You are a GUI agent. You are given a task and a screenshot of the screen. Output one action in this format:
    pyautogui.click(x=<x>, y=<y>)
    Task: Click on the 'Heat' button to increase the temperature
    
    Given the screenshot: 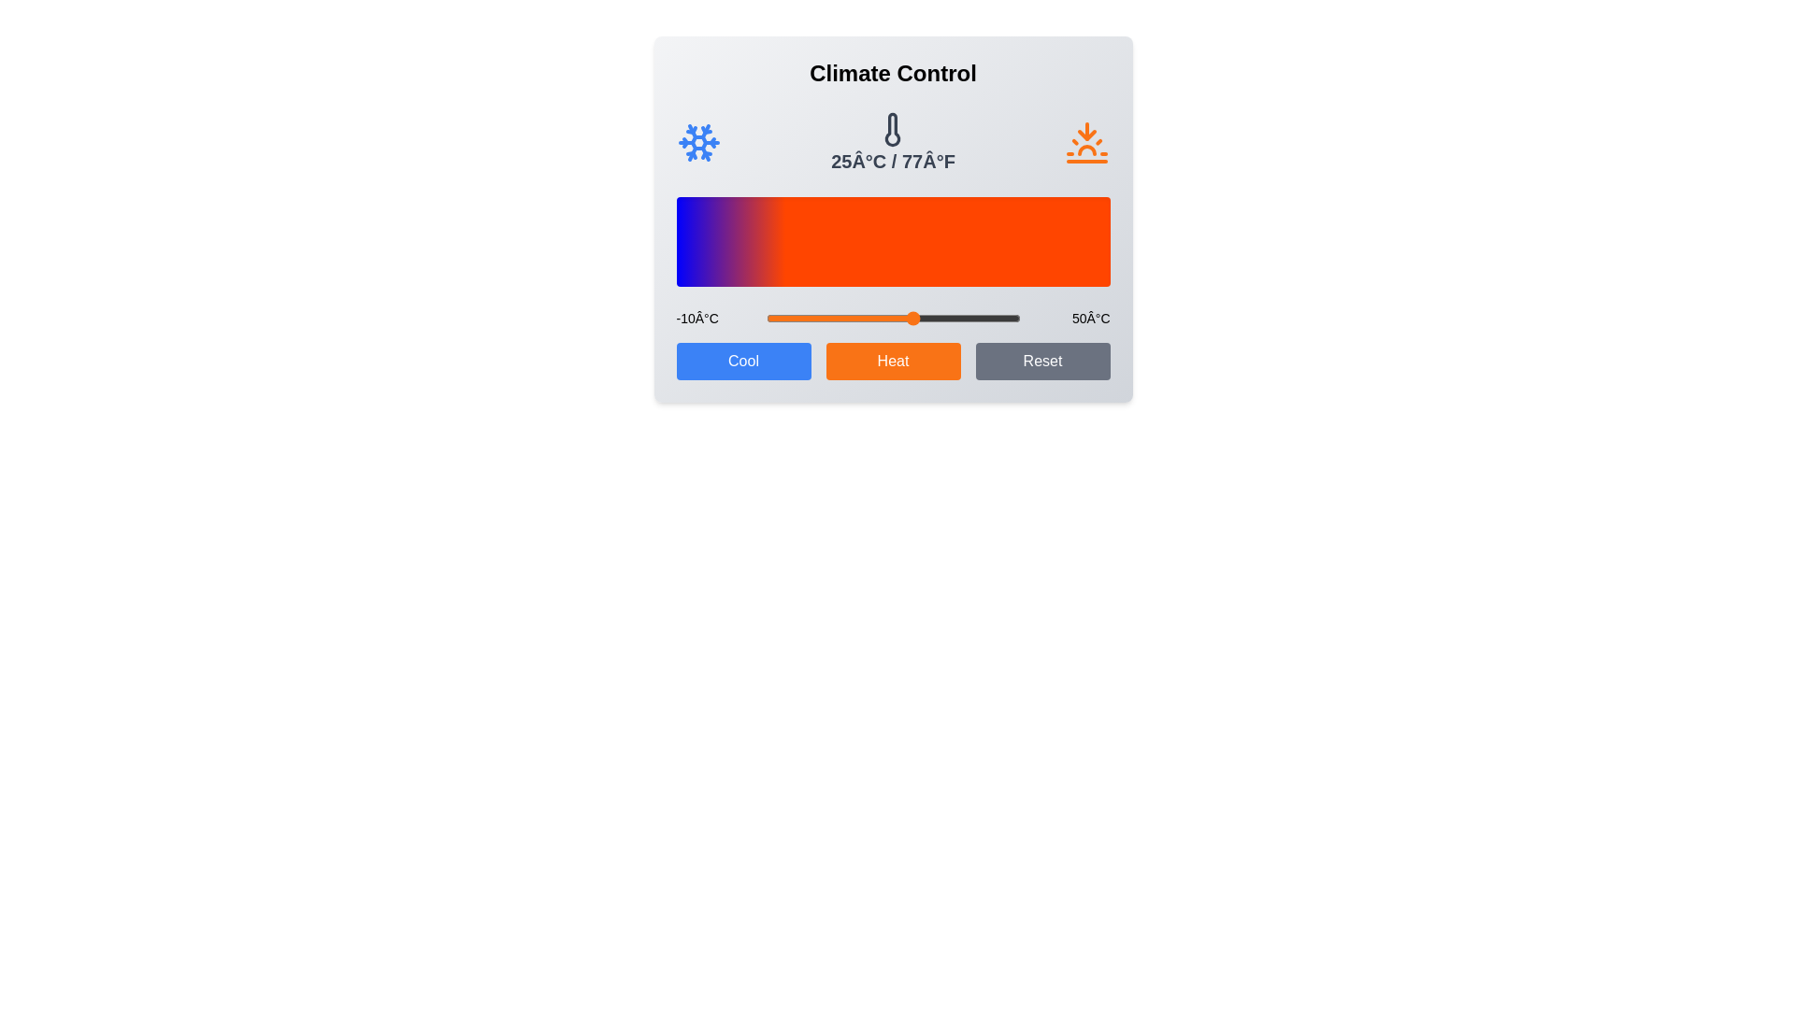 What is the action you would take?
    pyautogui.click(x=892, y=361)
    